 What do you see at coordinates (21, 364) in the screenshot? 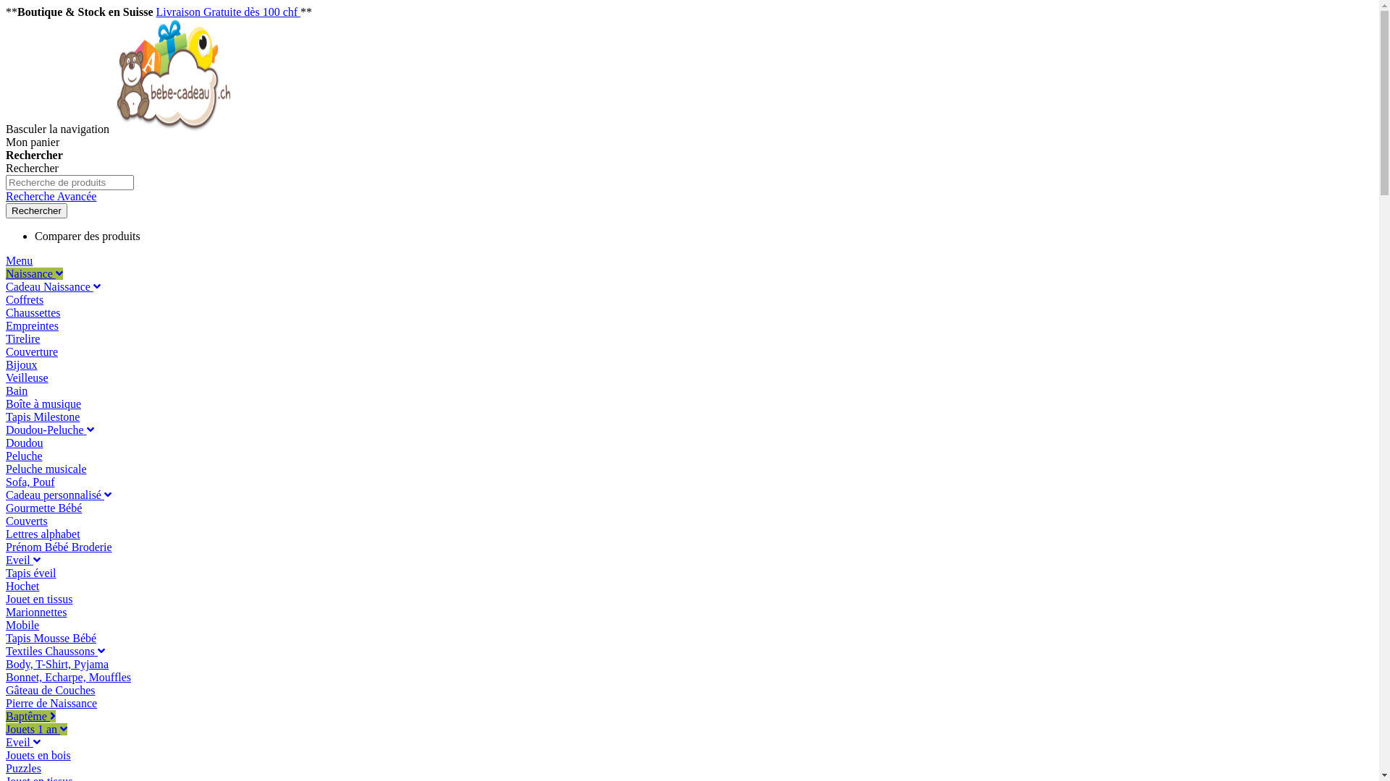
I see `'Bijoux'` at bounding box center [21, 364].